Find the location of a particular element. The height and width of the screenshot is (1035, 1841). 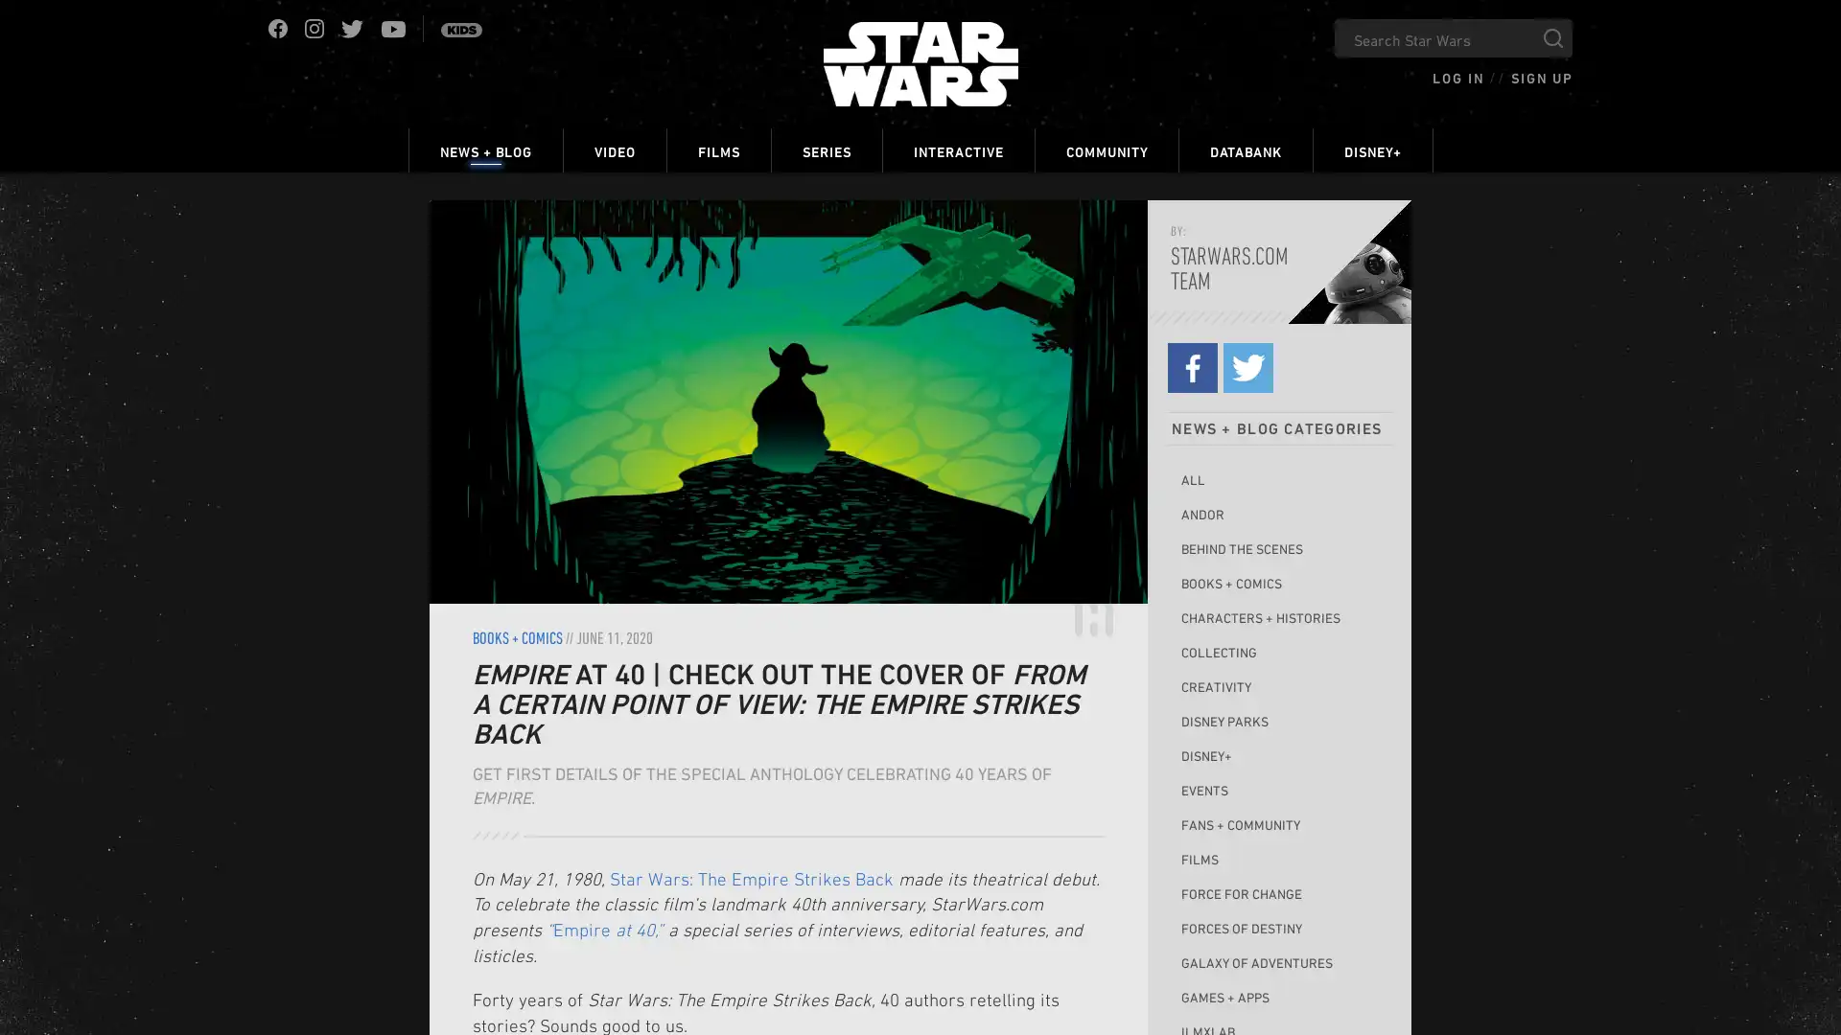

LOG IN is located at coordinates (1457, 77).